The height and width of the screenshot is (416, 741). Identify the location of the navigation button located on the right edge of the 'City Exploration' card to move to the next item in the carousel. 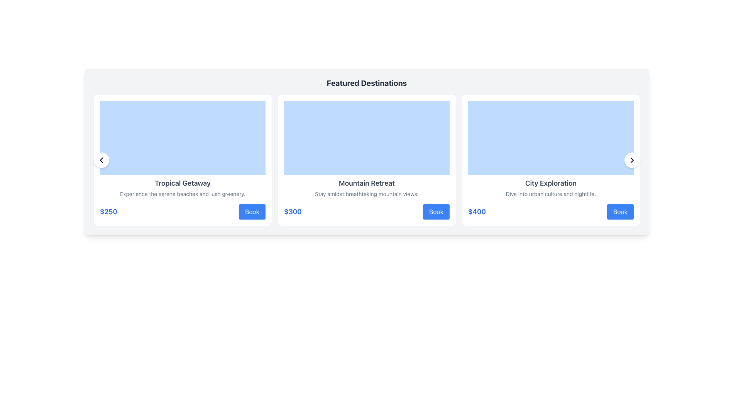
(632, 160).